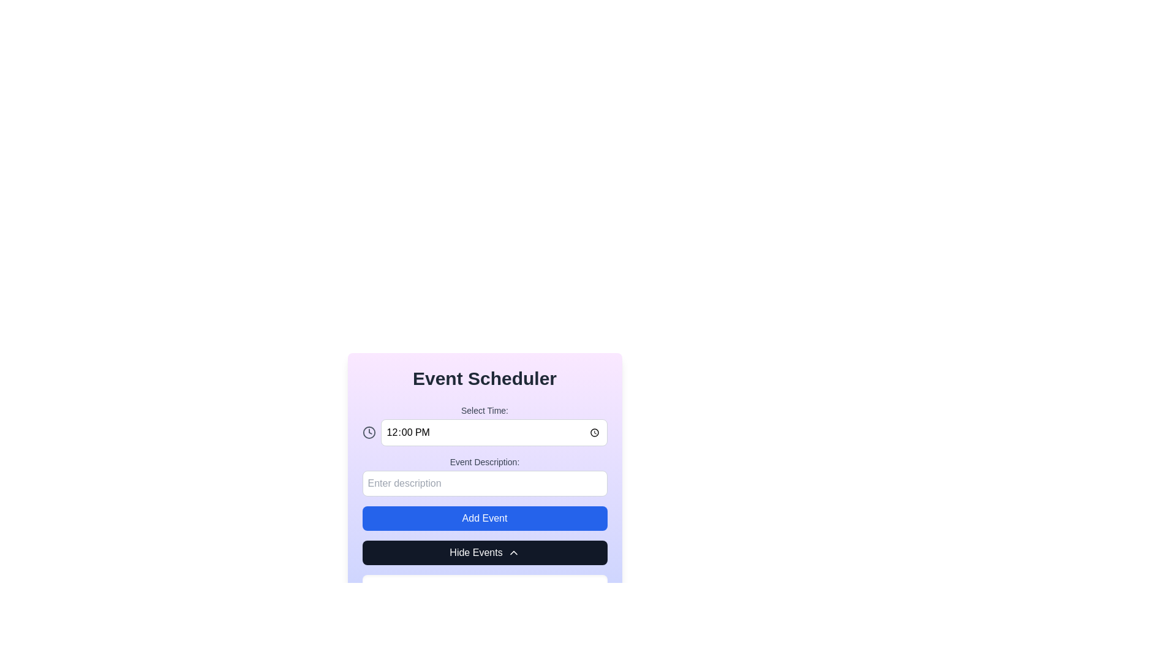 This screenshot has width=1176, height=662. Describe the element at coordinates (484, 378) in the screenshot. I see `the Header text element which serves as the title for the section, positioned at the top of the layout` at that location.